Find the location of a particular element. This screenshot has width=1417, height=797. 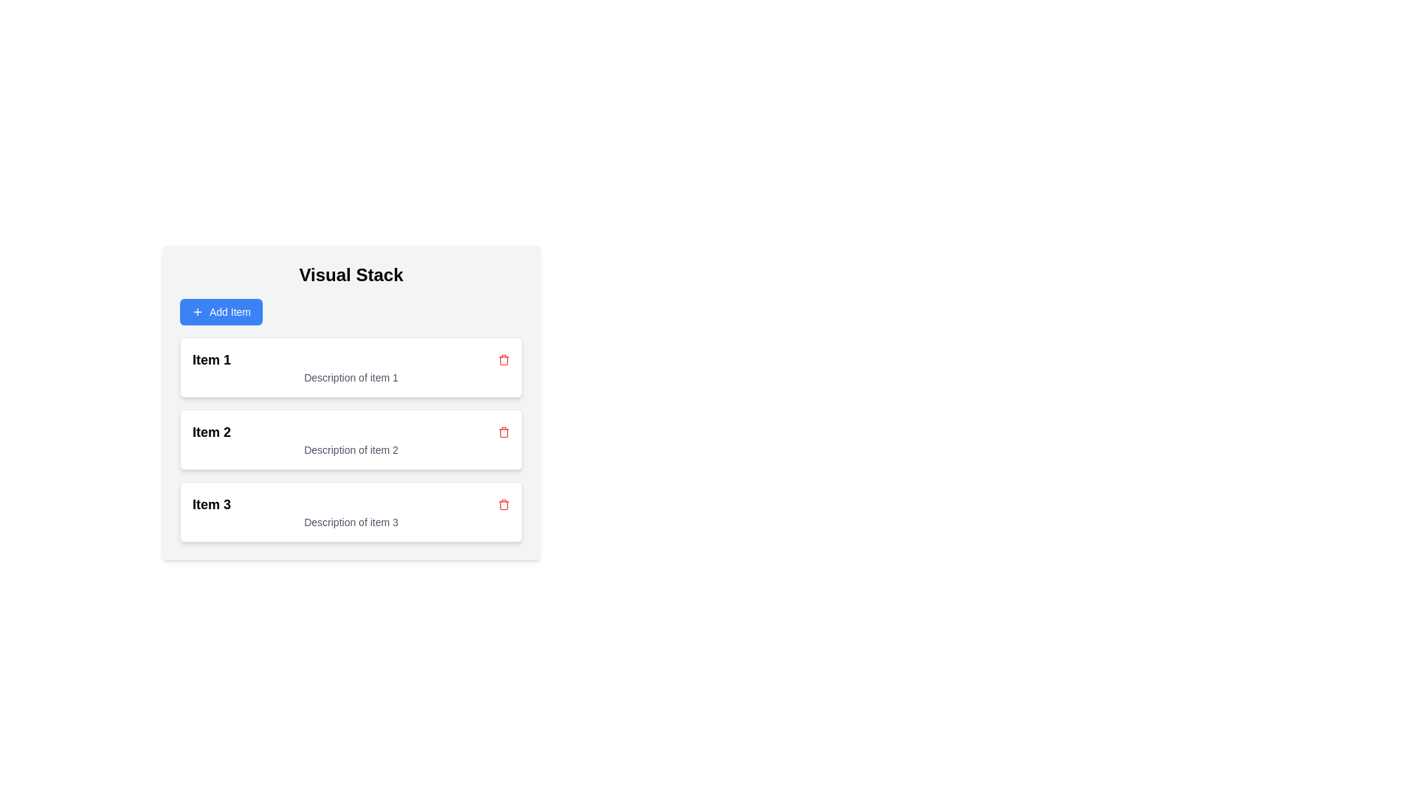

the delete button associated with 'Item 3' is located at coordinates (503, 503).